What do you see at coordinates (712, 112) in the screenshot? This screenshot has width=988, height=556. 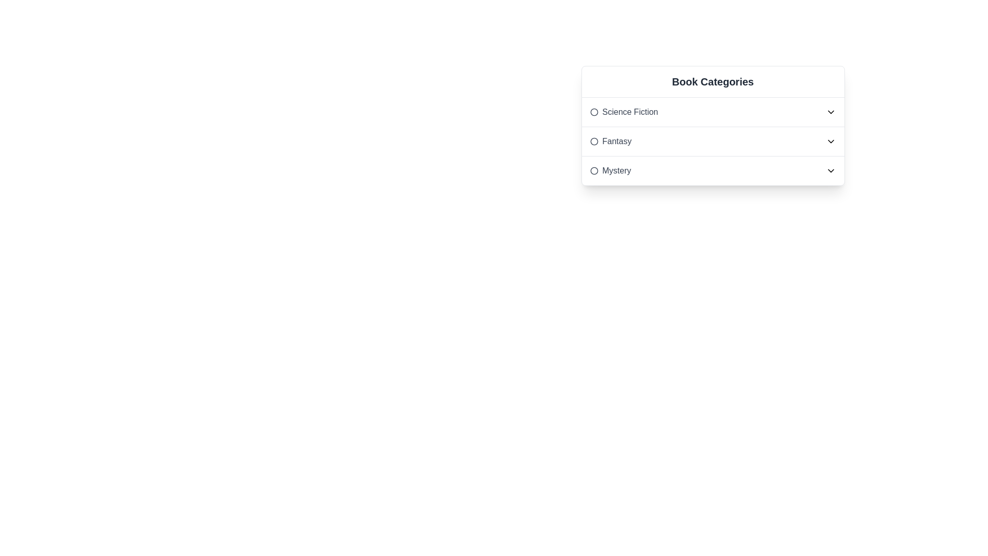 I see `the dropdown arrow of the 'Science Fiction' category item in the list of book categories` at bounding box center [712, 112].